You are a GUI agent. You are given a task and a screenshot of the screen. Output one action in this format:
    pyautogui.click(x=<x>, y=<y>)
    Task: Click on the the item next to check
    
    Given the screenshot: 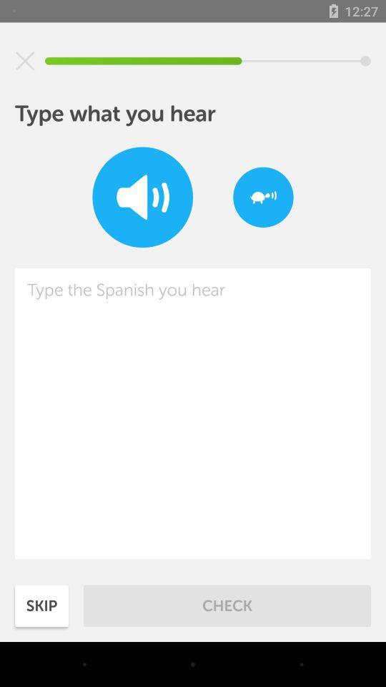 What is the action you would take?
    pyautogui.click(x=41, y=605)
    